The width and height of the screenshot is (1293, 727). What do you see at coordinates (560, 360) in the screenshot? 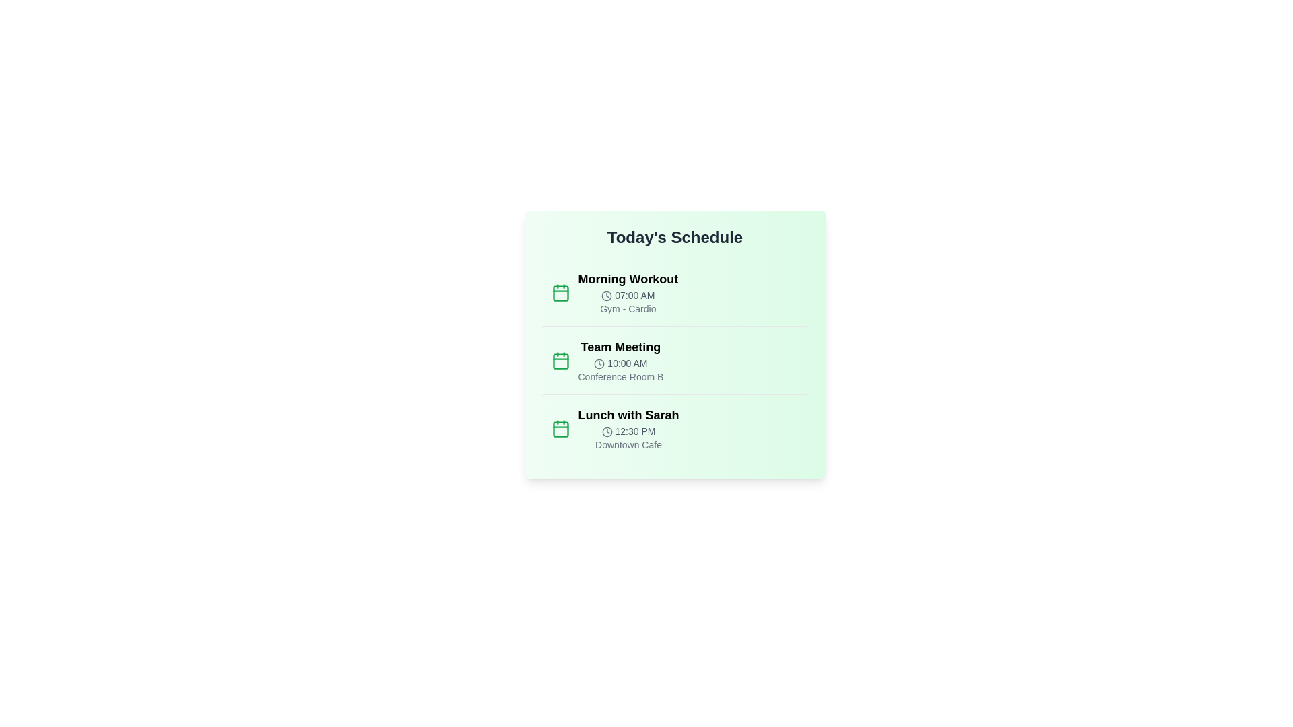
I see `the calendar icon for the Team Meeting event` at bounding box center [560, 360].